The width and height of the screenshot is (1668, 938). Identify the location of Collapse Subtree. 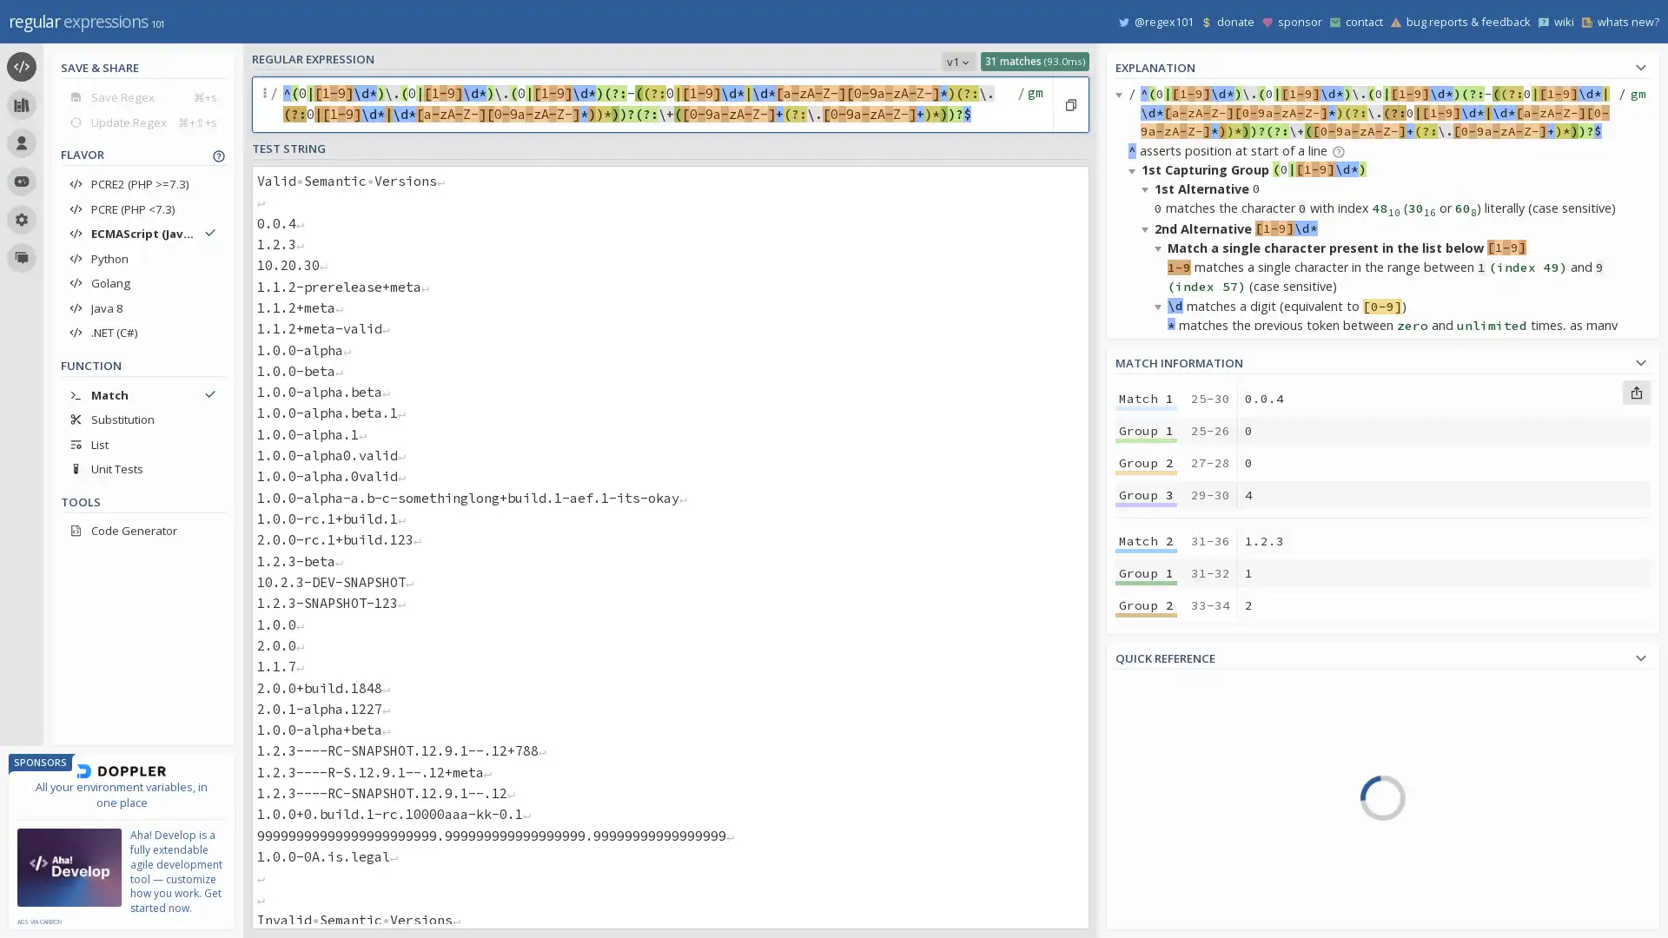
(1148, 619).